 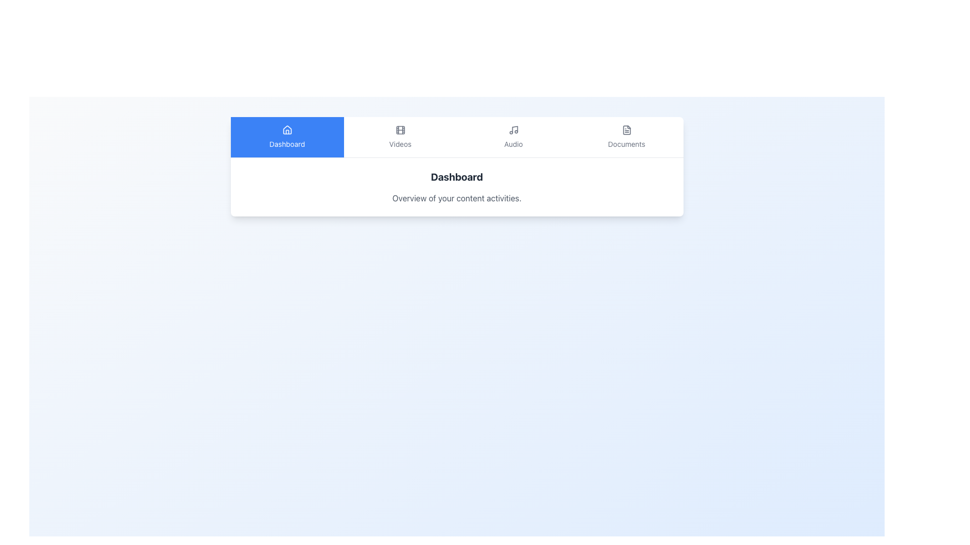 I want to click on the 'Documents' button in the navigation bar to change its color from gray to blue, so click(x=626, y=137).